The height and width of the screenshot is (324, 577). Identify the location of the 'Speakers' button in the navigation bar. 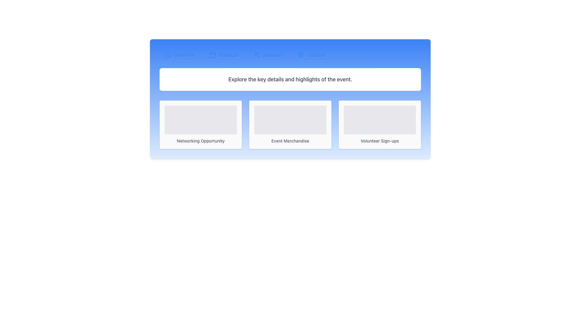
(290, 55).